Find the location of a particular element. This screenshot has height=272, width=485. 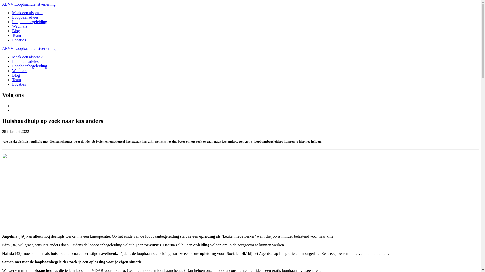

'Team' is located at coordinates (16, 79).